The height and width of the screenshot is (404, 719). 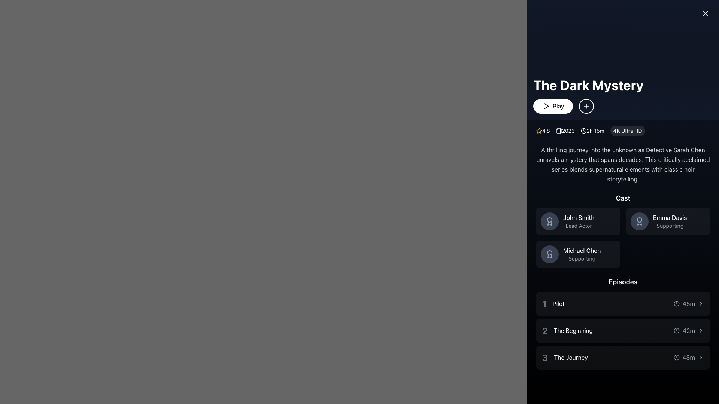 I want to click on the rounded close button with a white 'X' icon located in the top-right corner of the sidebar interface to visualize the hover effect, so click(x=705, y=13).